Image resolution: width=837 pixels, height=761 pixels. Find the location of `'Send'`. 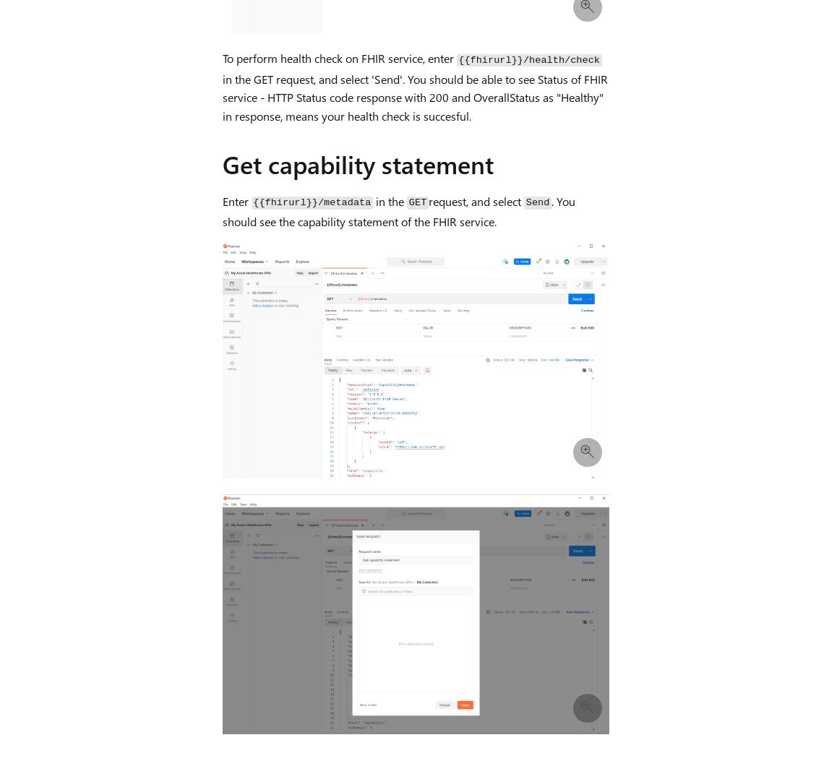

'Send' is located at coordinates (536, 202).